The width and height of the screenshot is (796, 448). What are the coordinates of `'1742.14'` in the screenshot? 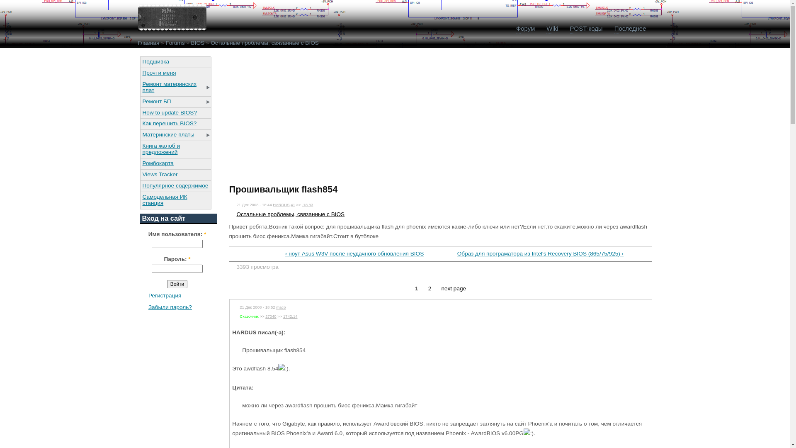 It's located at (290, 316).